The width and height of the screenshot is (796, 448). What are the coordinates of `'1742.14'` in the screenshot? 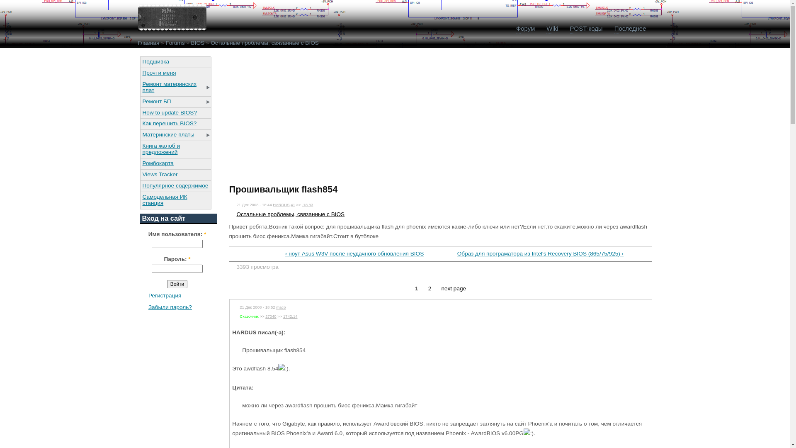 It's located at (290, 316).